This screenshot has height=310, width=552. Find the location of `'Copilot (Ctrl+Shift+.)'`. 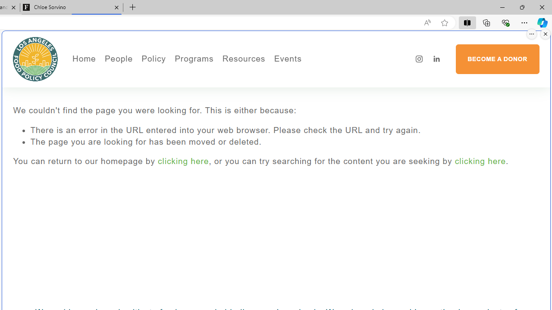

'Copilot (Ctrl+Shift+.)' is located at coordinates (542, 22).